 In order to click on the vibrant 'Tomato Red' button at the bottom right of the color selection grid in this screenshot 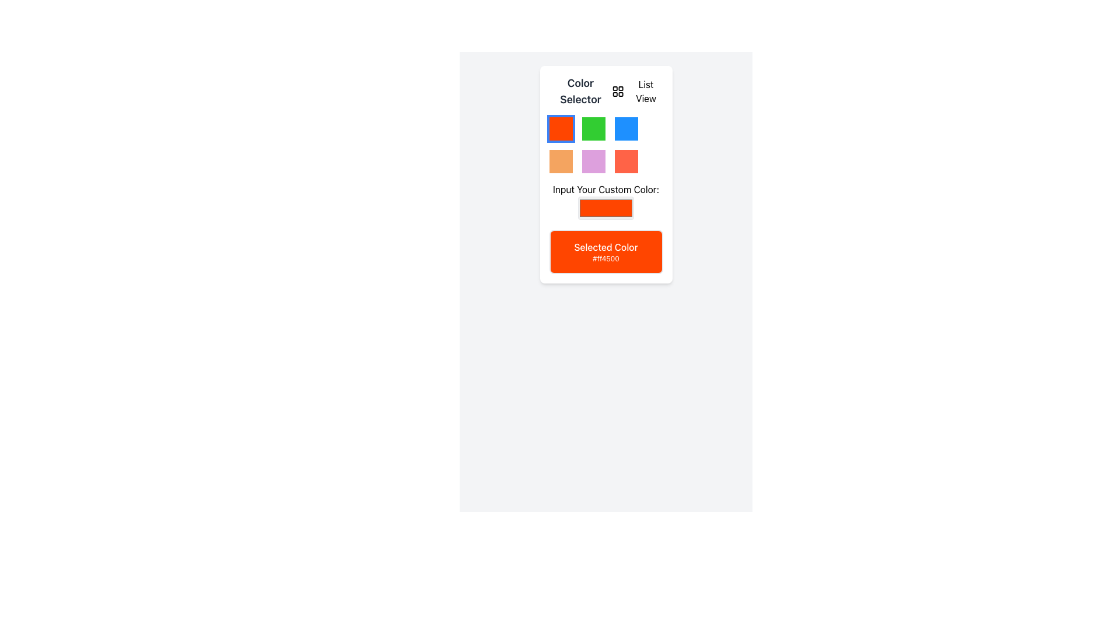, I will do `click(625, 162)`.